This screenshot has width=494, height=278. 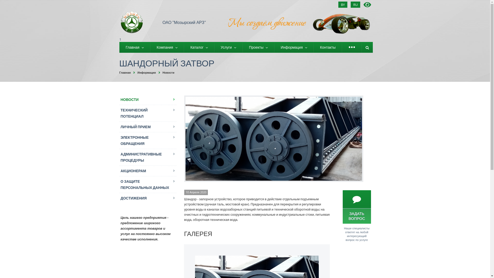 I want to click on 'BY', so click(x=338, y=5).